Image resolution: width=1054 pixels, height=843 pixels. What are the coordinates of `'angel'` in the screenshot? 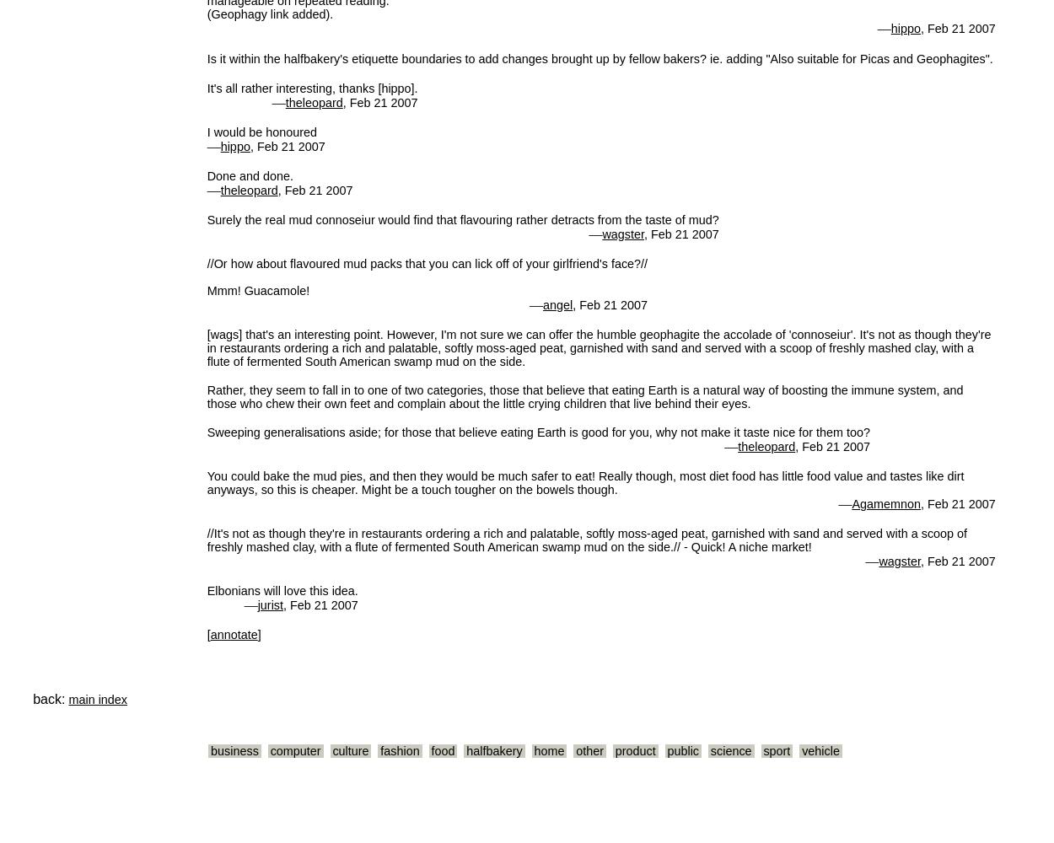 It's located at (557, 303).